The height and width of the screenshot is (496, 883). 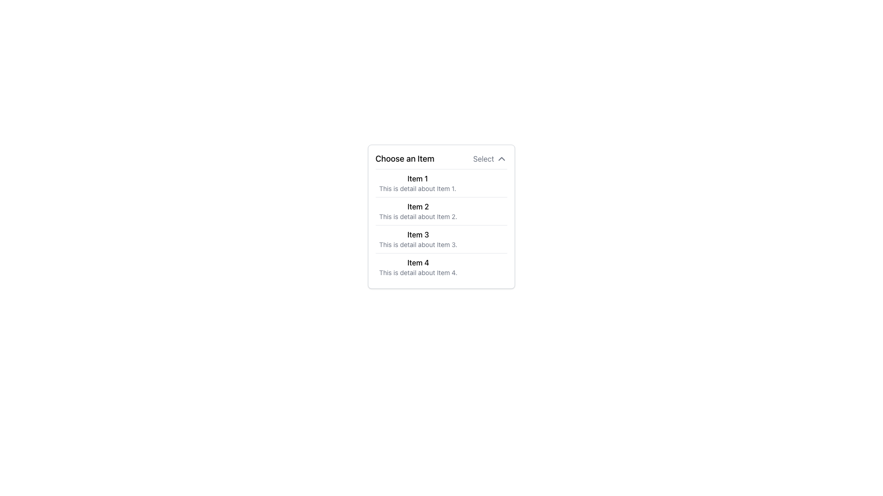 What do you see at coordinates (418, 234) in the screenshot?
I see `the text label that identifies the third item in the dropdown panel, positioned between 'Item 2' and 'Item 4'` at bounding box center [418, 234].